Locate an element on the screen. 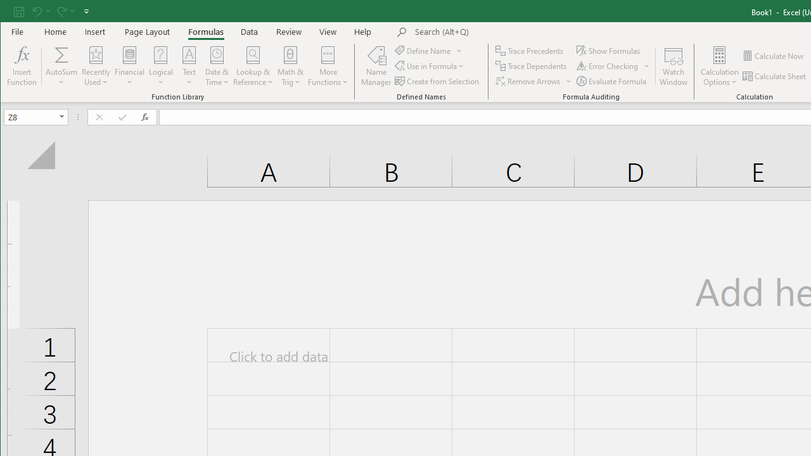 The image size is (811, 456). 'Date & Time' is located at coordinates (217, 66).